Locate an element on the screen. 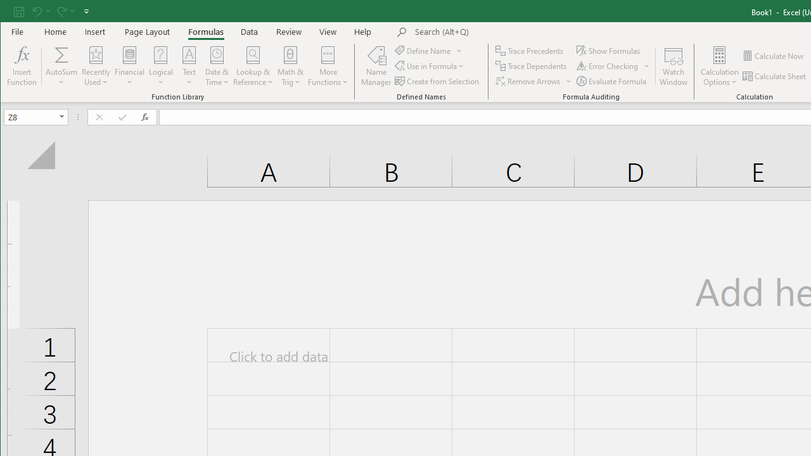 The image size is (811, 456). 'Date & Time' is located at coordinates (217, 66).